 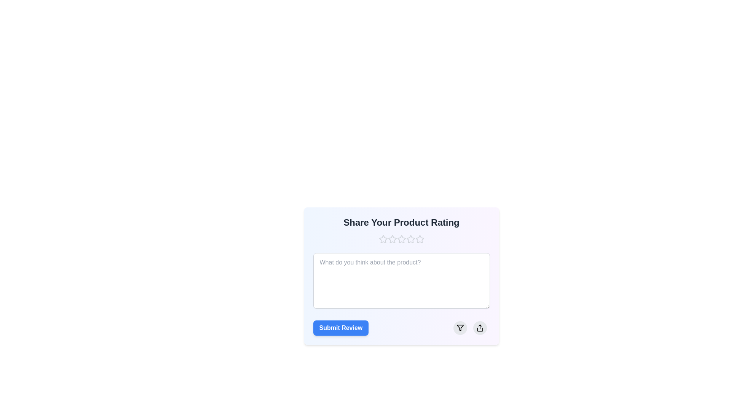 I want to click on the filter icon located inside the round light-gray button at the bottom-right corner of the input form for submitting a product review, so click(x=460, y=327).